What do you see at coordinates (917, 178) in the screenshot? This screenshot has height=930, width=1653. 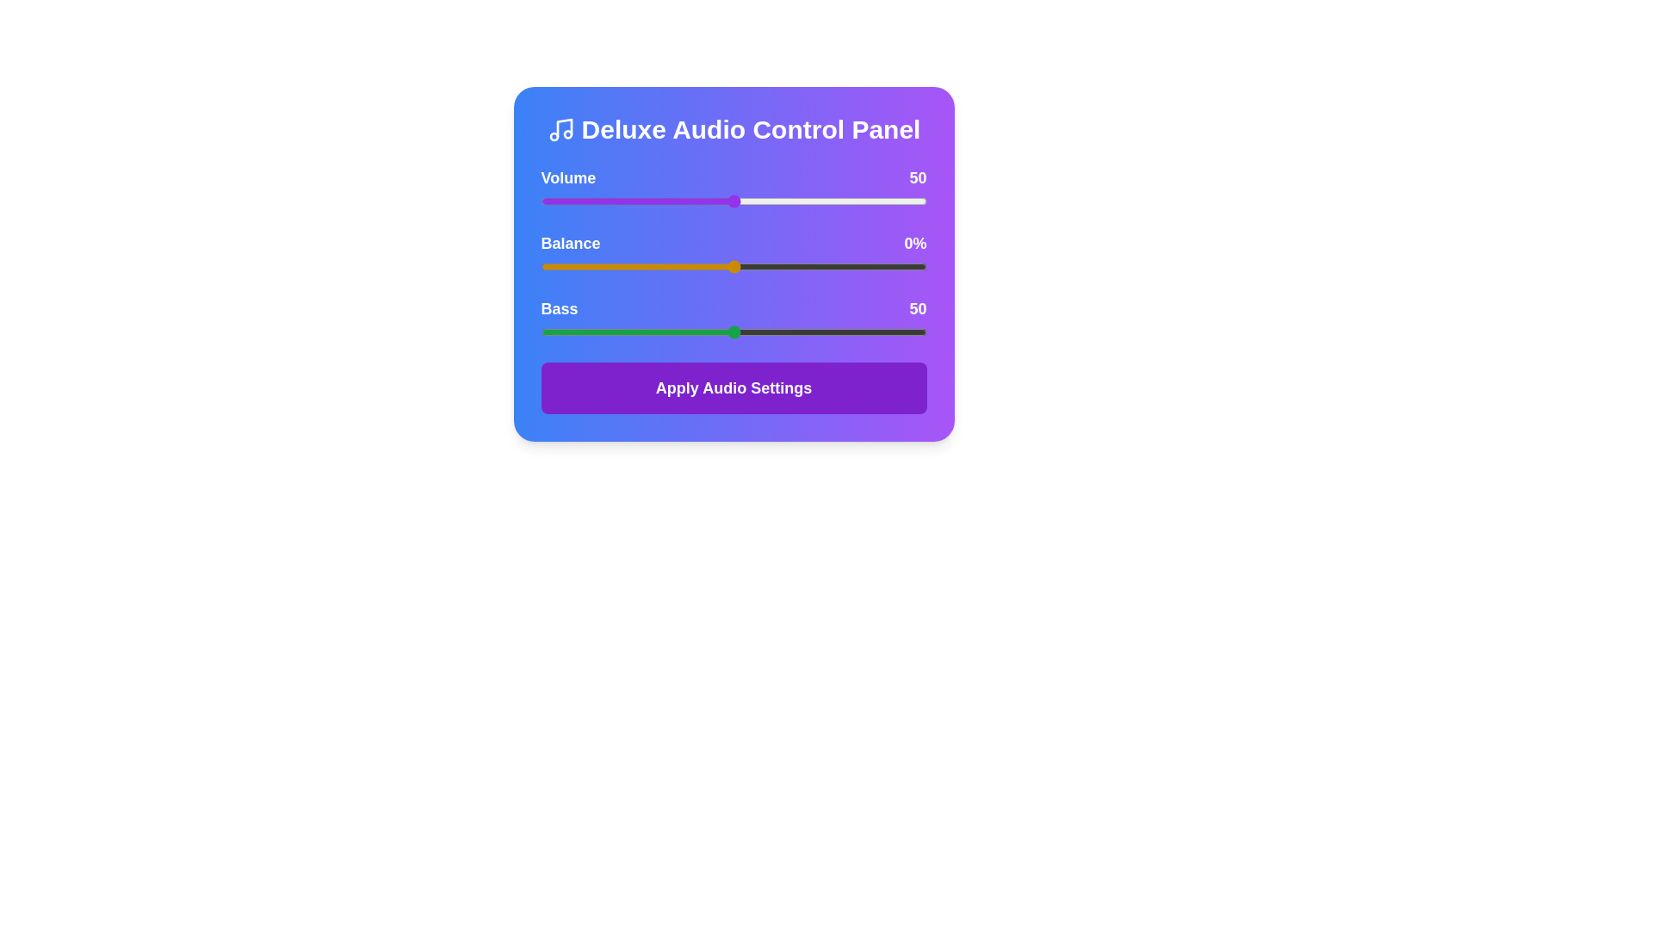 I see `the text display field that shows '50' in white on a purple background, located in the top-right corner of the purple panel adjacent to the label 'Bass'` at bounding box center [917, 178].